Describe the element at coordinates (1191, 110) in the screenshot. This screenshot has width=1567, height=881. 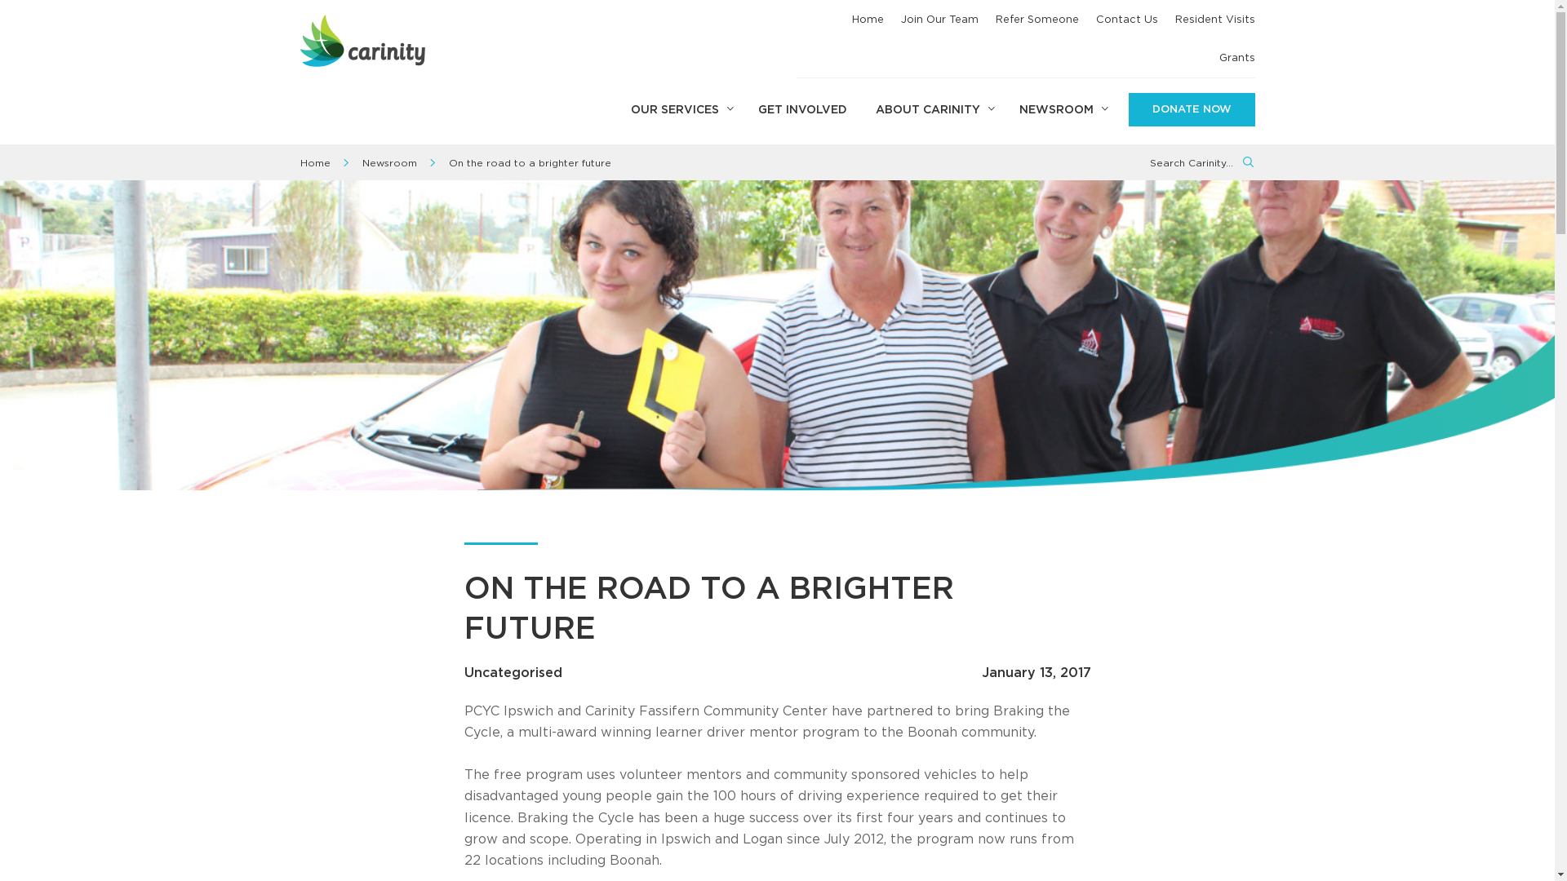
I see `'DONATE NOW'` at that location.